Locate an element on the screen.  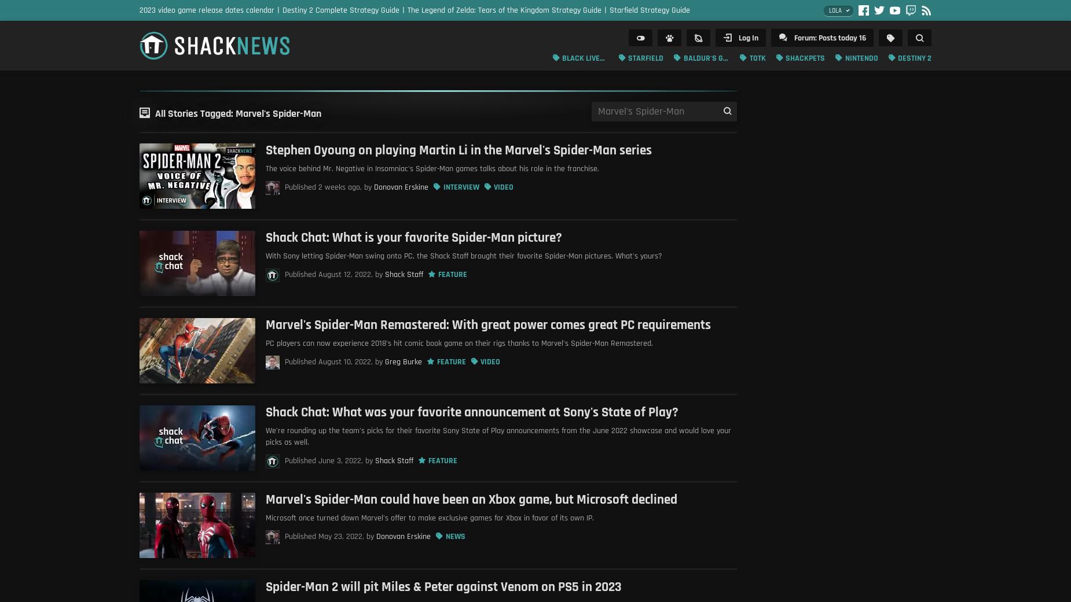
'The voice behind Mr. Negative in Insomniac's Spider-Man games talks about his role in the franchise.' is located at coordinates (432, 167).